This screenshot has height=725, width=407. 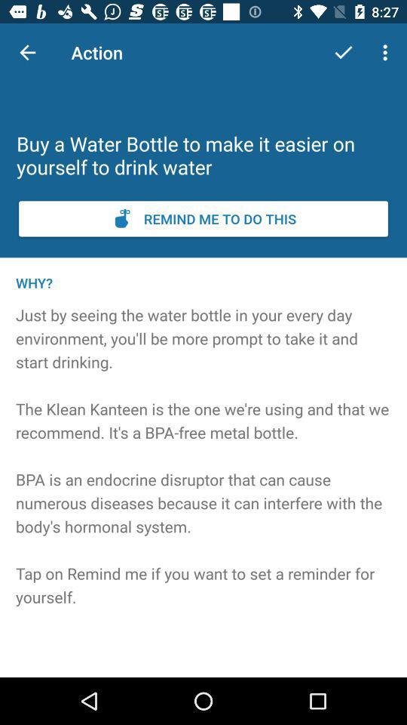 What do you see at coordinates (343, 52) in the screenshot?
I see `the item above buy a water icon` at bounding box center [343, 52].